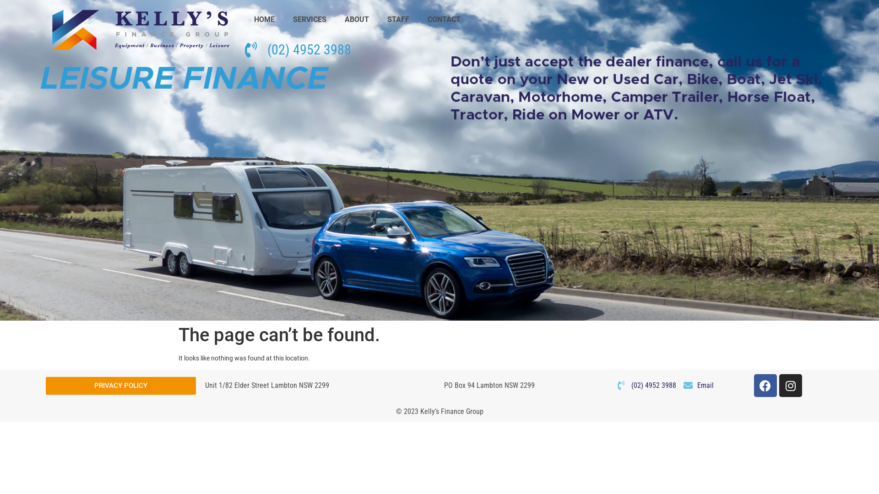  Describe the element at coordinates (120, 386) in the screenshot. I see `'PRIVACY POLICY'` at that location.